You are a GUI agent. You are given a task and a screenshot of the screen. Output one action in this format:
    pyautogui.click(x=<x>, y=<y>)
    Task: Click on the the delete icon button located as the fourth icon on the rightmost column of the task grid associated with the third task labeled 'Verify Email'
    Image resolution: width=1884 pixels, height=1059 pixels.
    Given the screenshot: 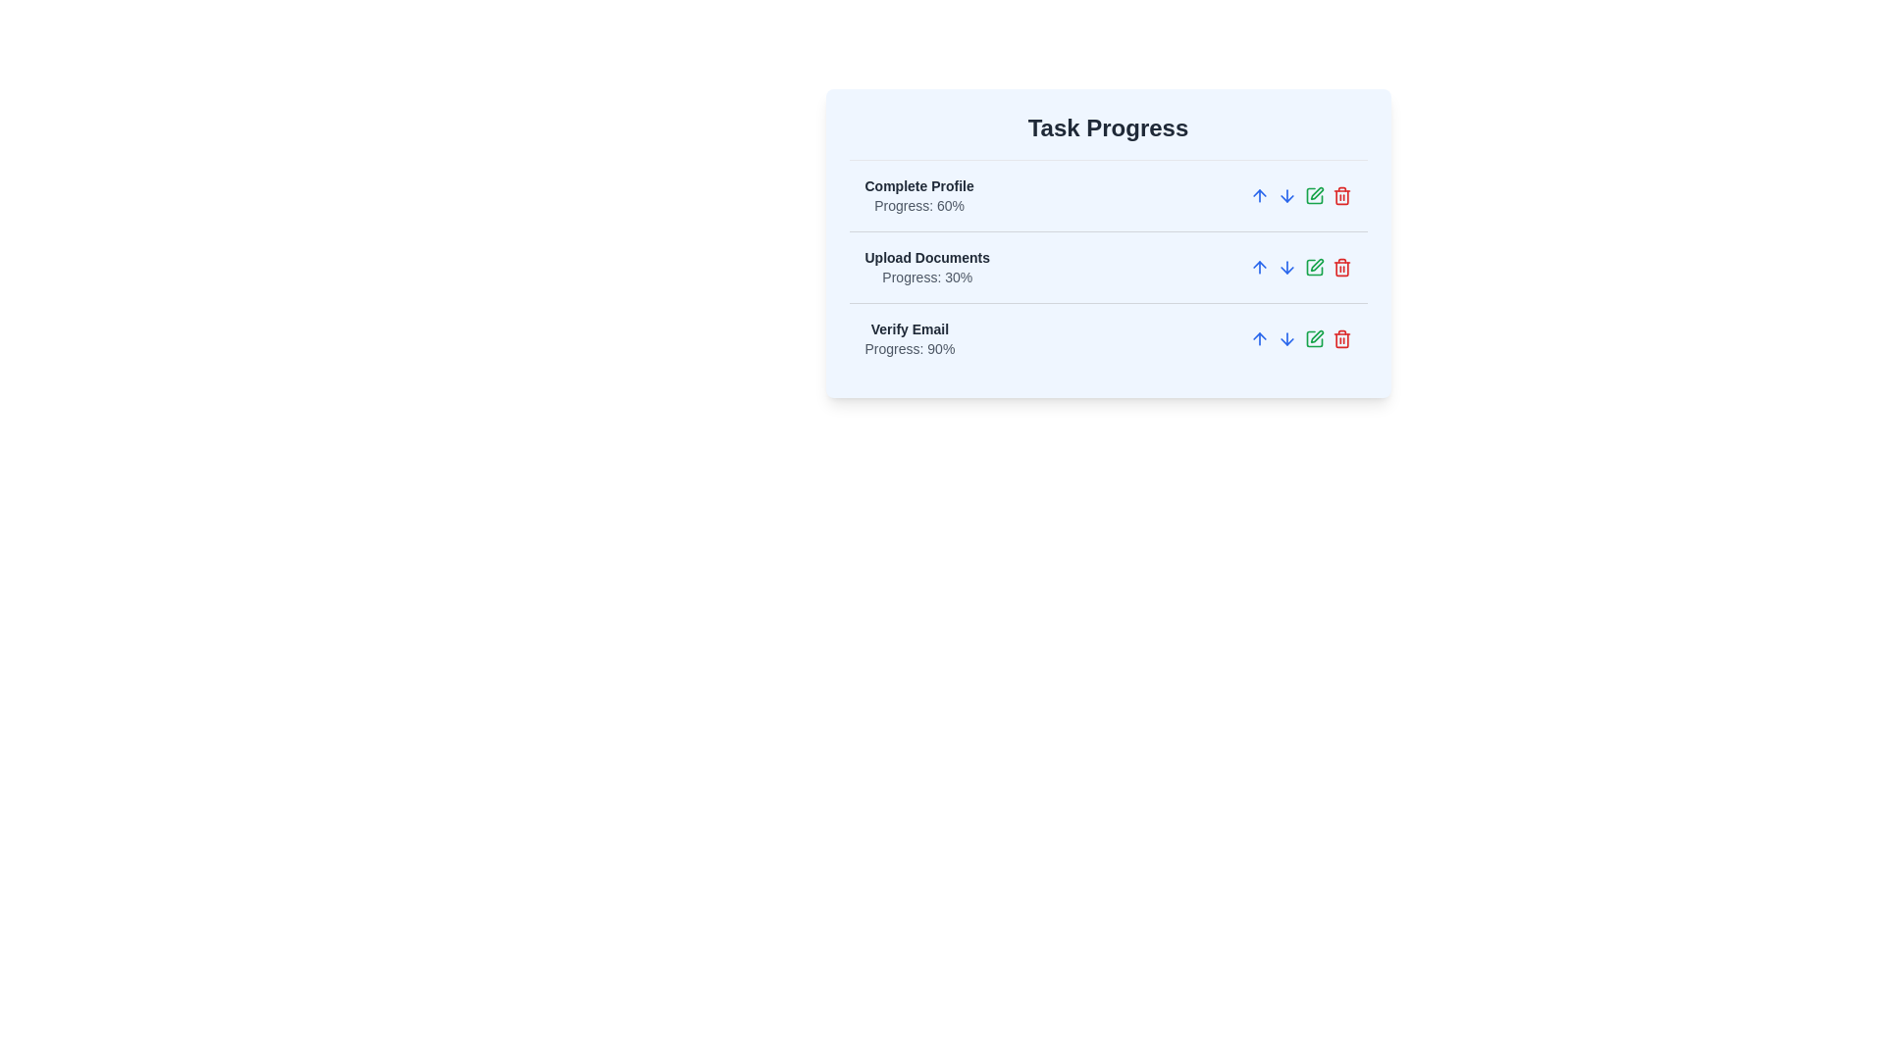 What is the action you would take?
    pyautogui.click(x=1340, y=196)
    